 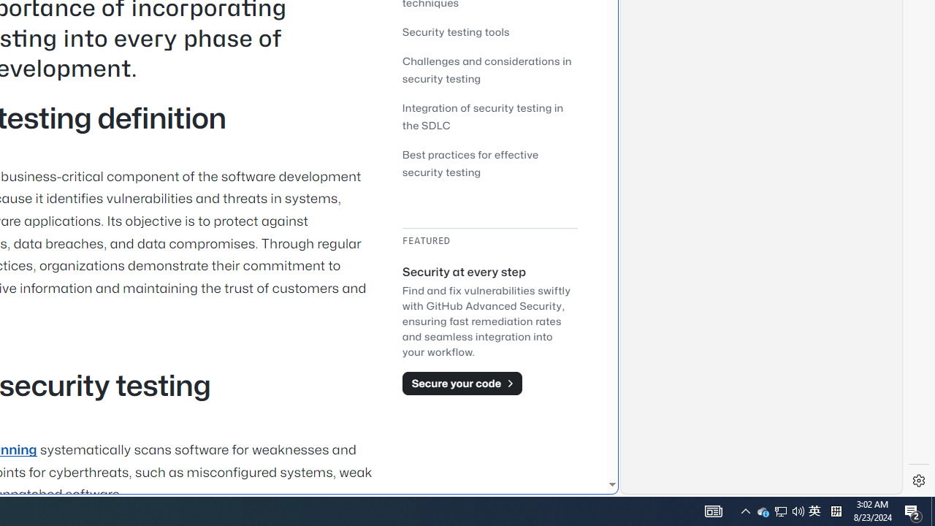 I want to click on 'Security testing tools', so click(x=489, y=31).